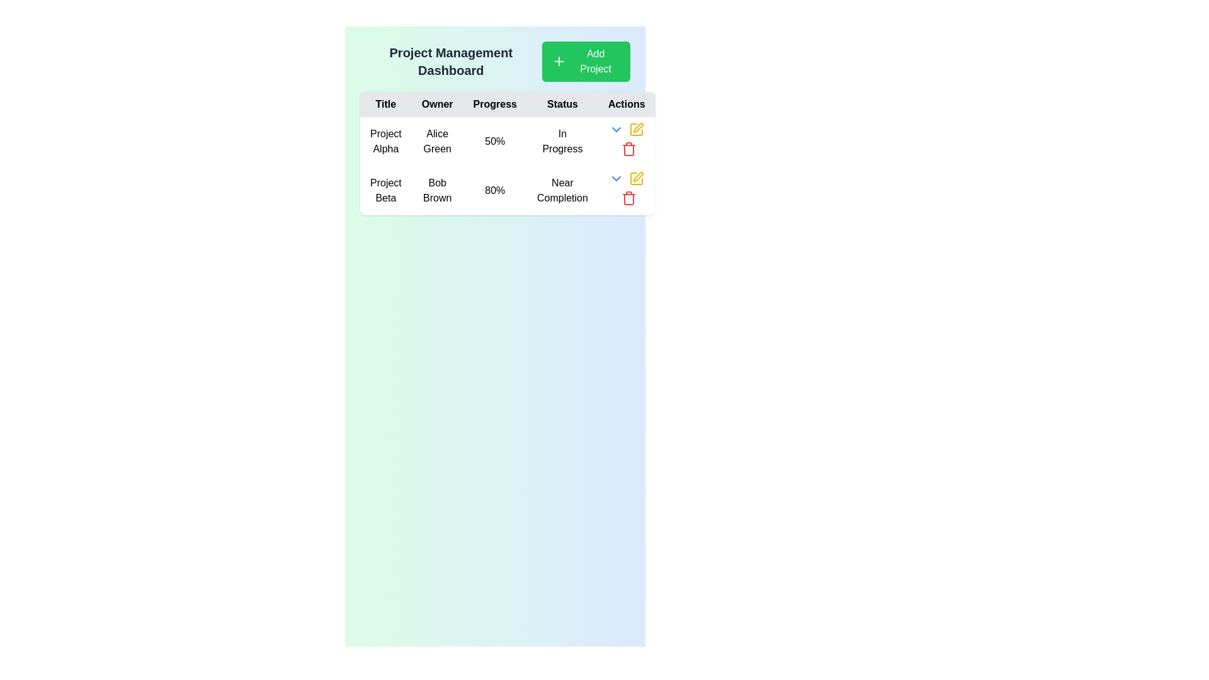 The image size is (1209, 680). I want to click on the text label displaying '50%' in the 'Progress' column of the table for 'Project Alpha', so click(494, 141).